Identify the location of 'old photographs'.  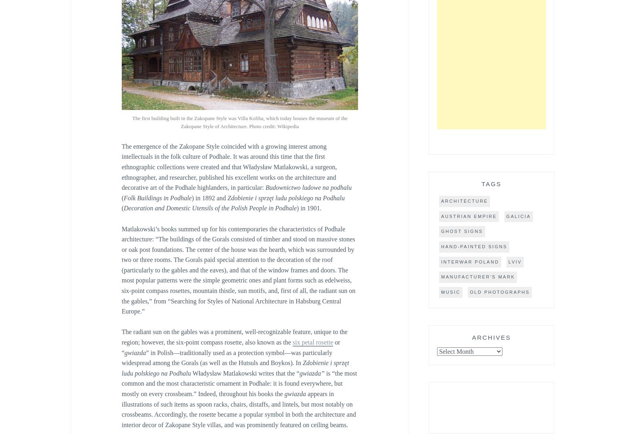
(500, 291).